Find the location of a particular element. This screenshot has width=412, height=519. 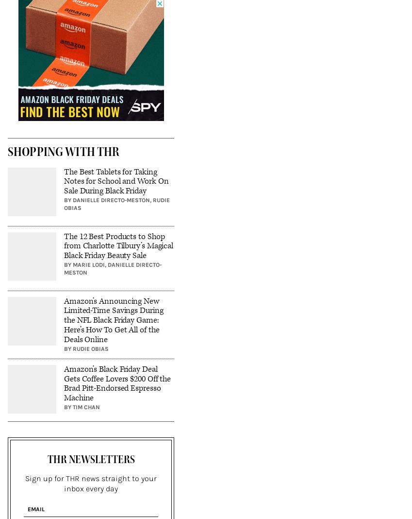

'Amazon’s Announcing New Limited-Time Savings During the NFL Black Friday Game: Here’s How To Get All of the Deals Online' is located at coordinates (64, 319).